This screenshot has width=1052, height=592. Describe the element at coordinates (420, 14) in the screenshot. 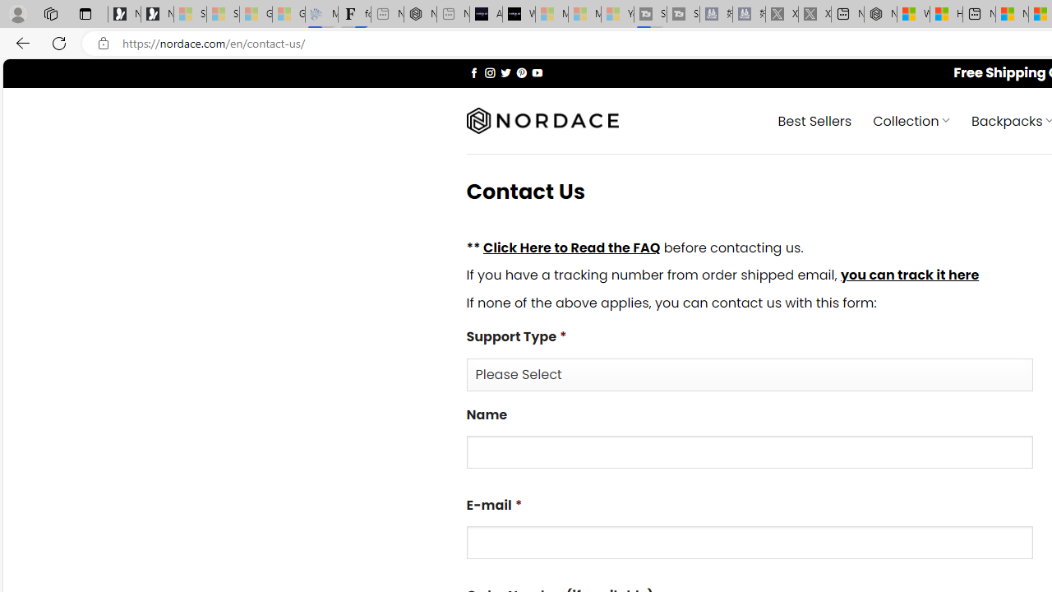

I see `'Nordace - #1 Japanese Best-Seller - Siena Smart Backpack'` at that location.